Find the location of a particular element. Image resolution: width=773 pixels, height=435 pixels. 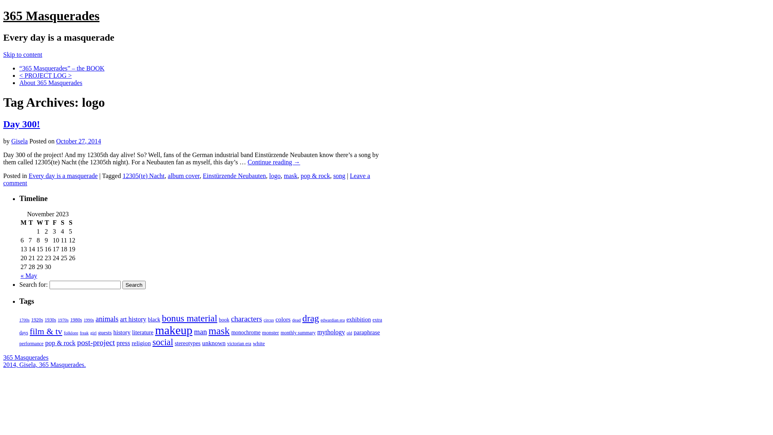

'monthly summary' is located at coordinates (280, 332).